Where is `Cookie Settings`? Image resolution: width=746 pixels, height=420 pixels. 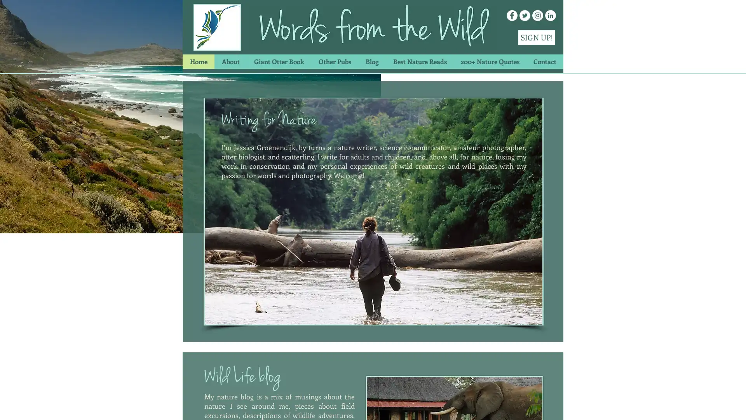
Cookie Settings is located at coordinates (662, 406).